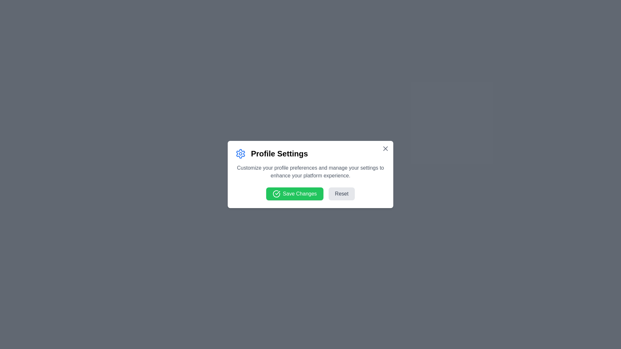 The image size is (621, 349). Describe the element at coordinates (385, 148) in the screenshot. I see `the close button to close the dialog` at that location.